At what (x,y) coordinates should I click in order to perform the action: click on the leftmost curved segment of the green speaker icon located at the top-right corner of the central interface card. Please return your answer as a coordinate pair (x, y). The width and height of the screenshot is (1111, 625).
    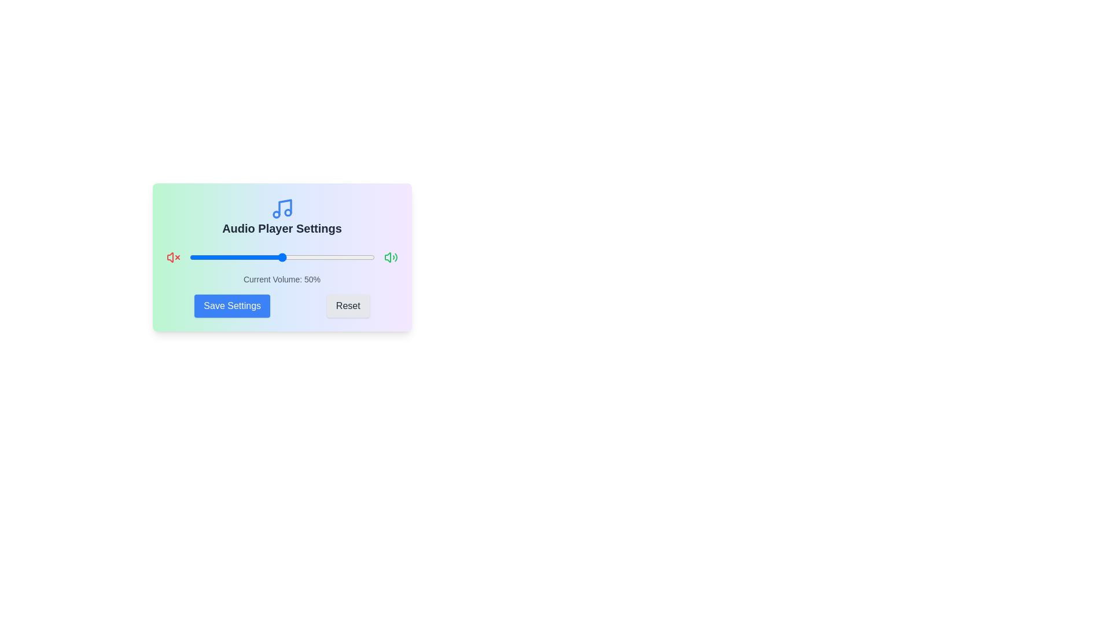
    Looking at the image, I should click on (388, 256).